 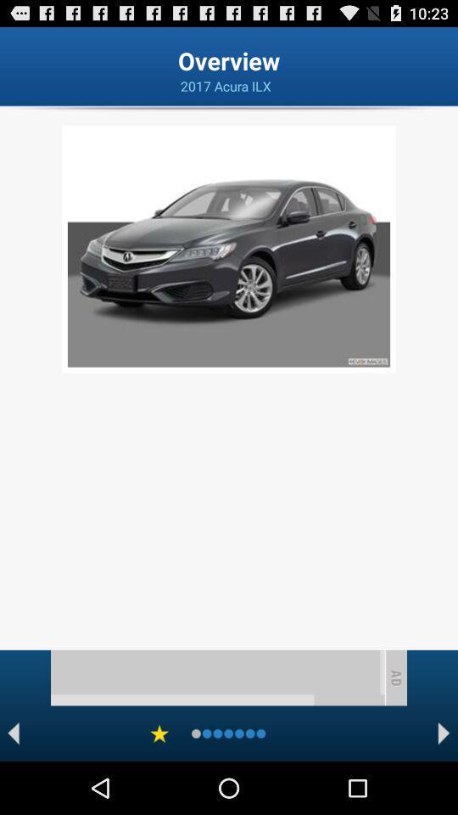 What do you see at coordinates (217, 677) in the screenshot?
I see `open advertisement link` at bounding box center [217, 677].